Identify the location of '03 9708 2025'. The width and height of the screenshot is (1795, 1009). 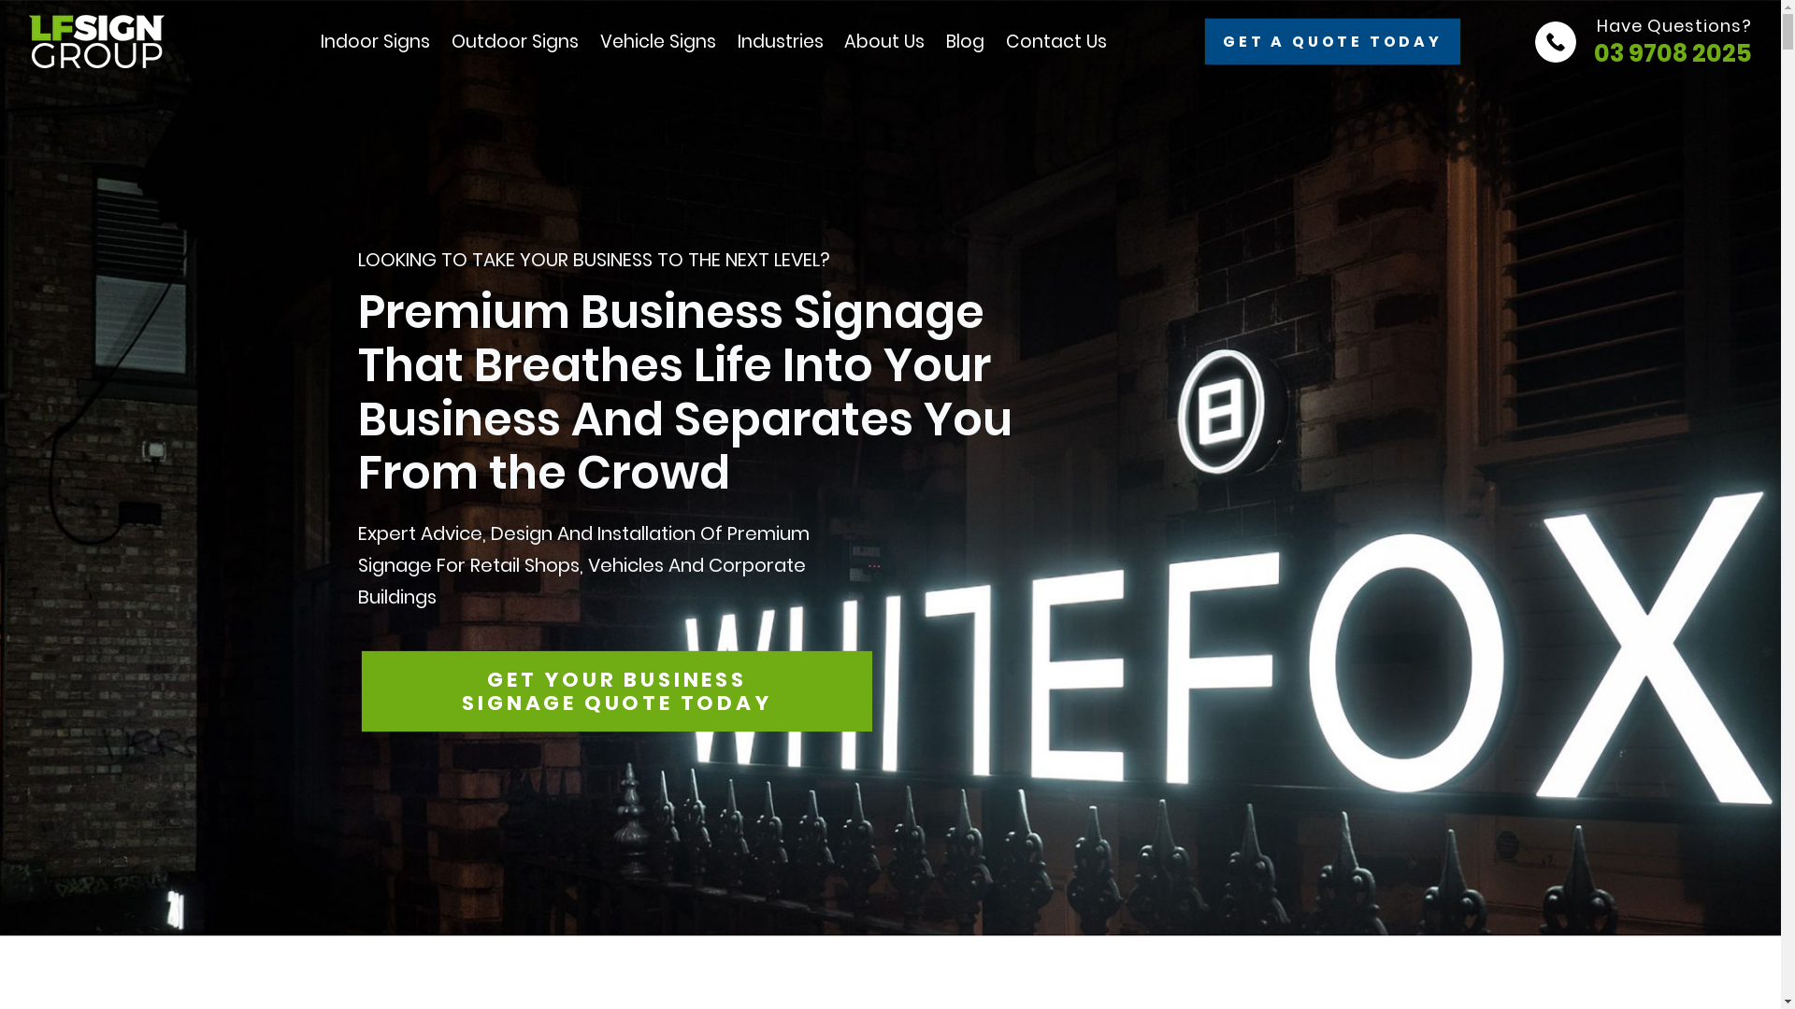
(1592, 52).